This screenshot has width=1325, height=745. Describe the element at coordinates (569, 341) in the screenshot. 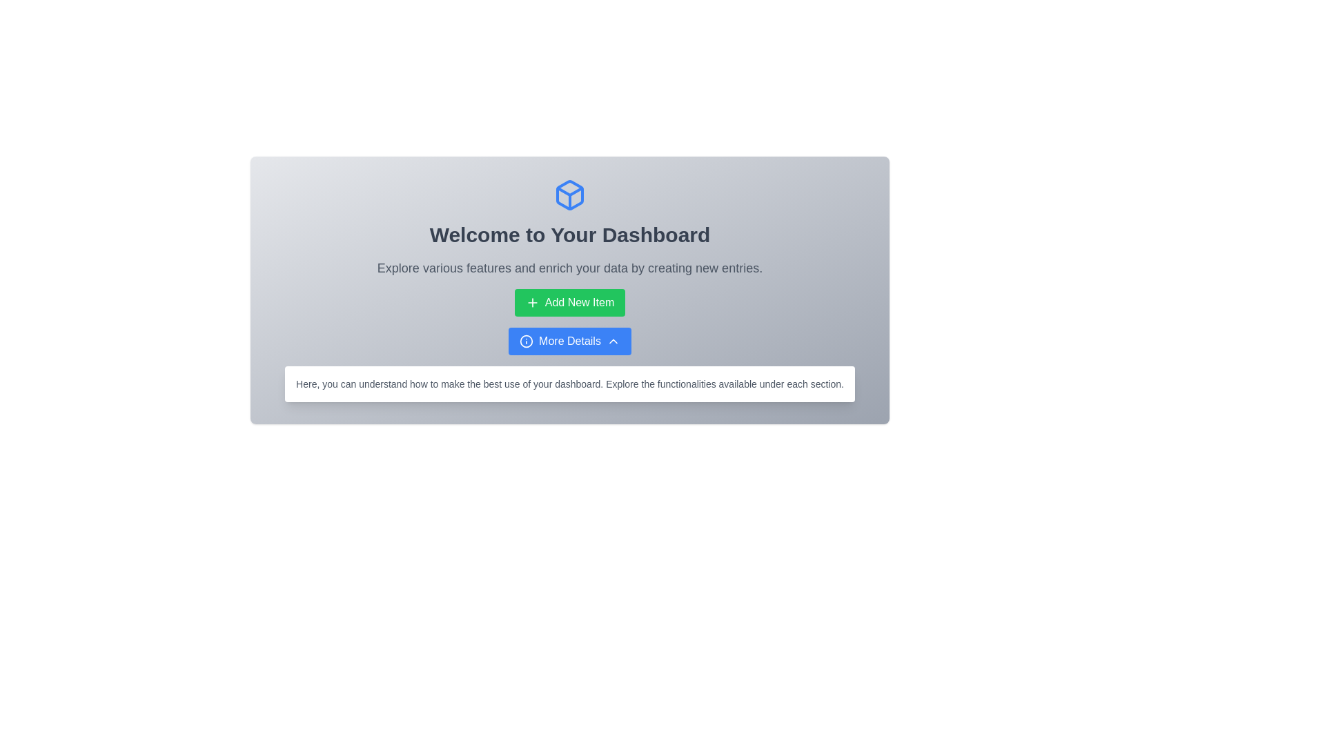

I see `the text 'More Details' inside the blue button located beneath the 'Add New Item' button to trigger hover UI effects` at that location.